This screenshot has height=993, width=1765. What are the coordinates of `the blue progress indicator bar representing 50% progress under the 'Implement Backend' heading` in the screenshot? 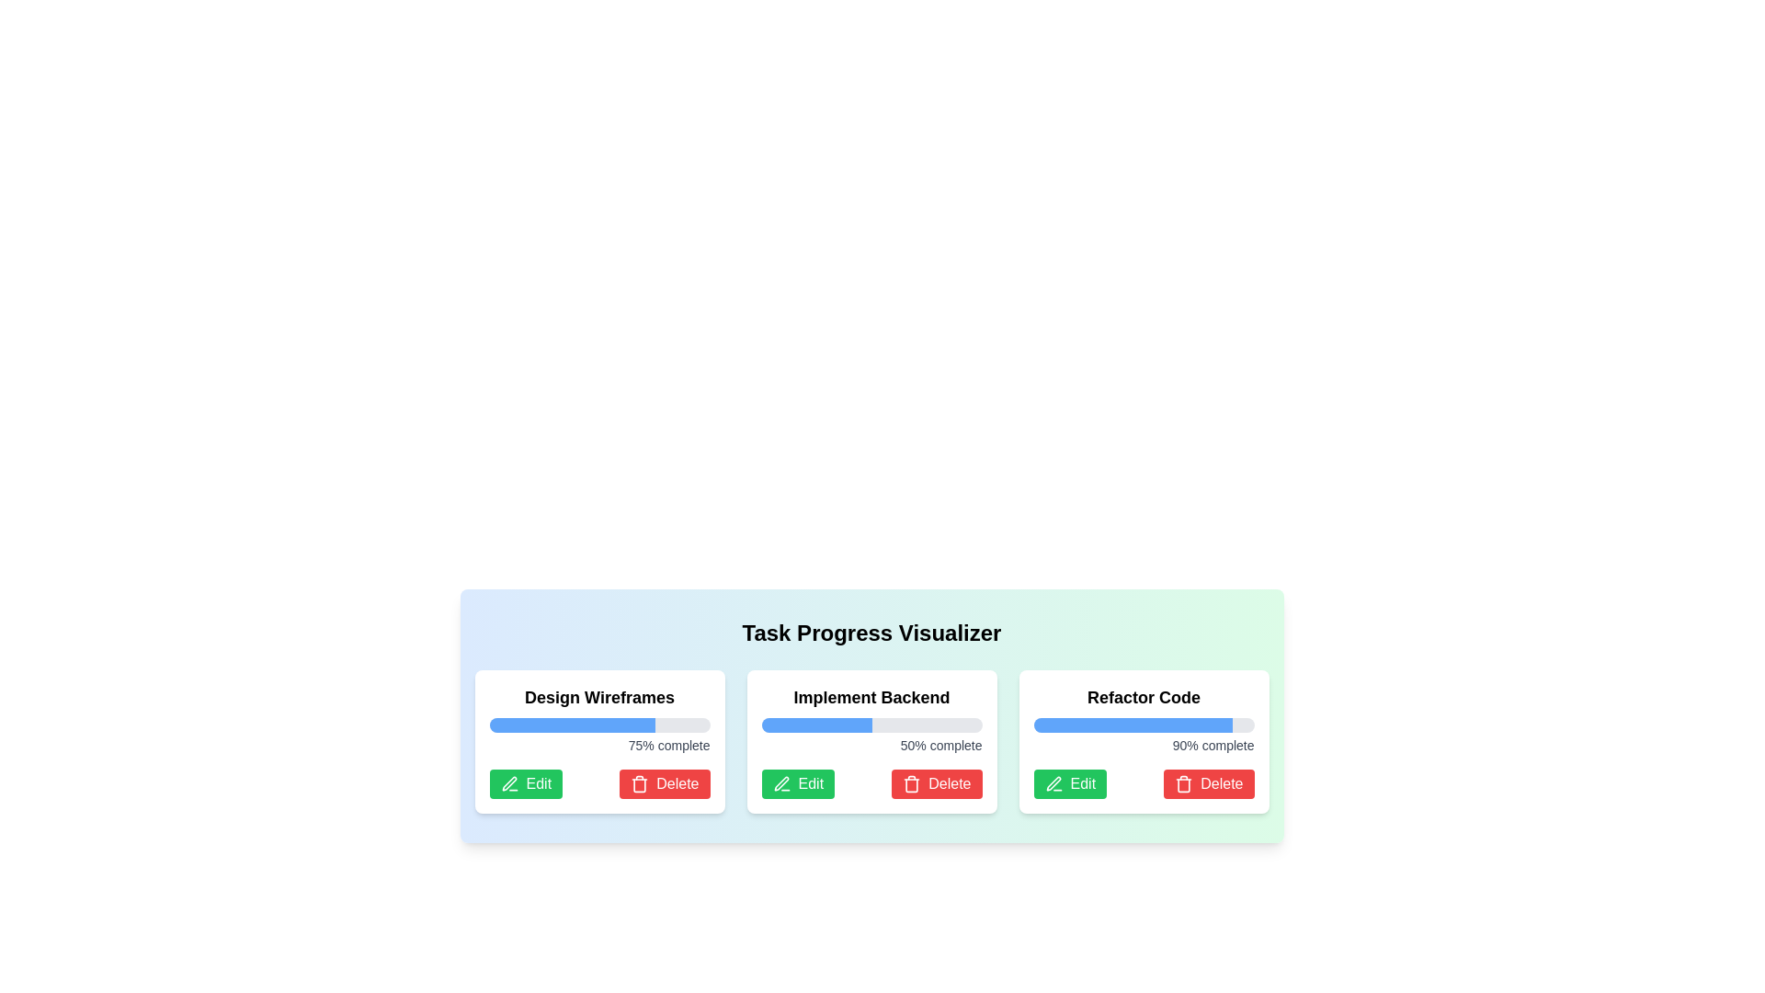 It's located at (815, 725).